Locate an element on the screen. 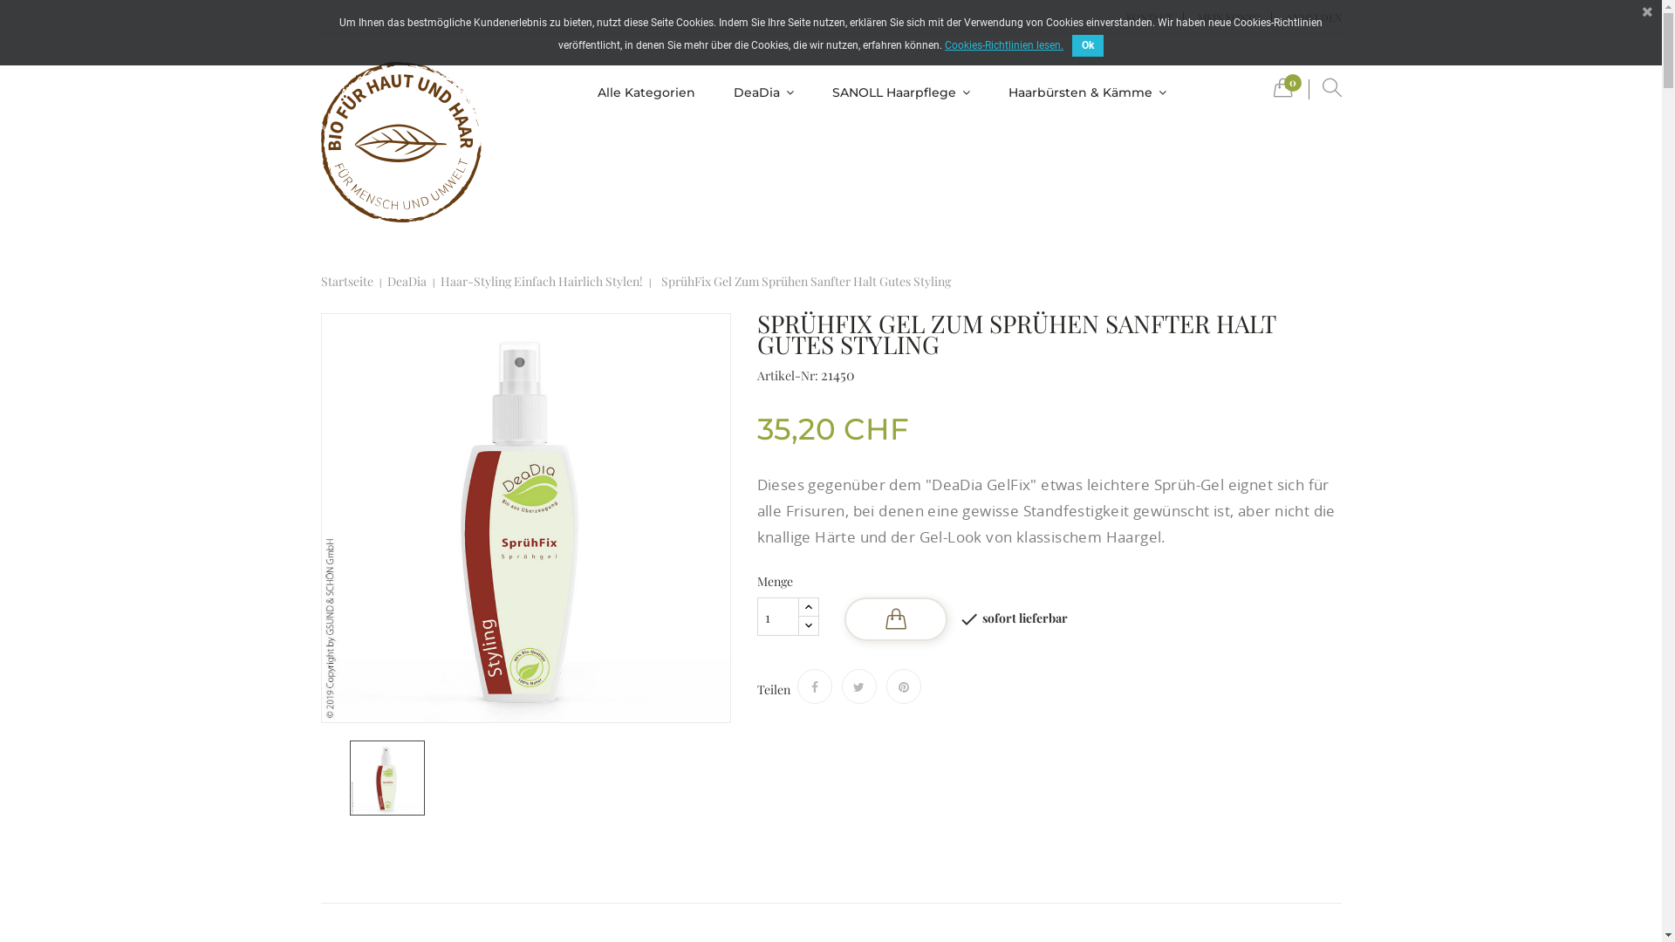  'ANMELDEN' is located at coordinates (1275, 17).